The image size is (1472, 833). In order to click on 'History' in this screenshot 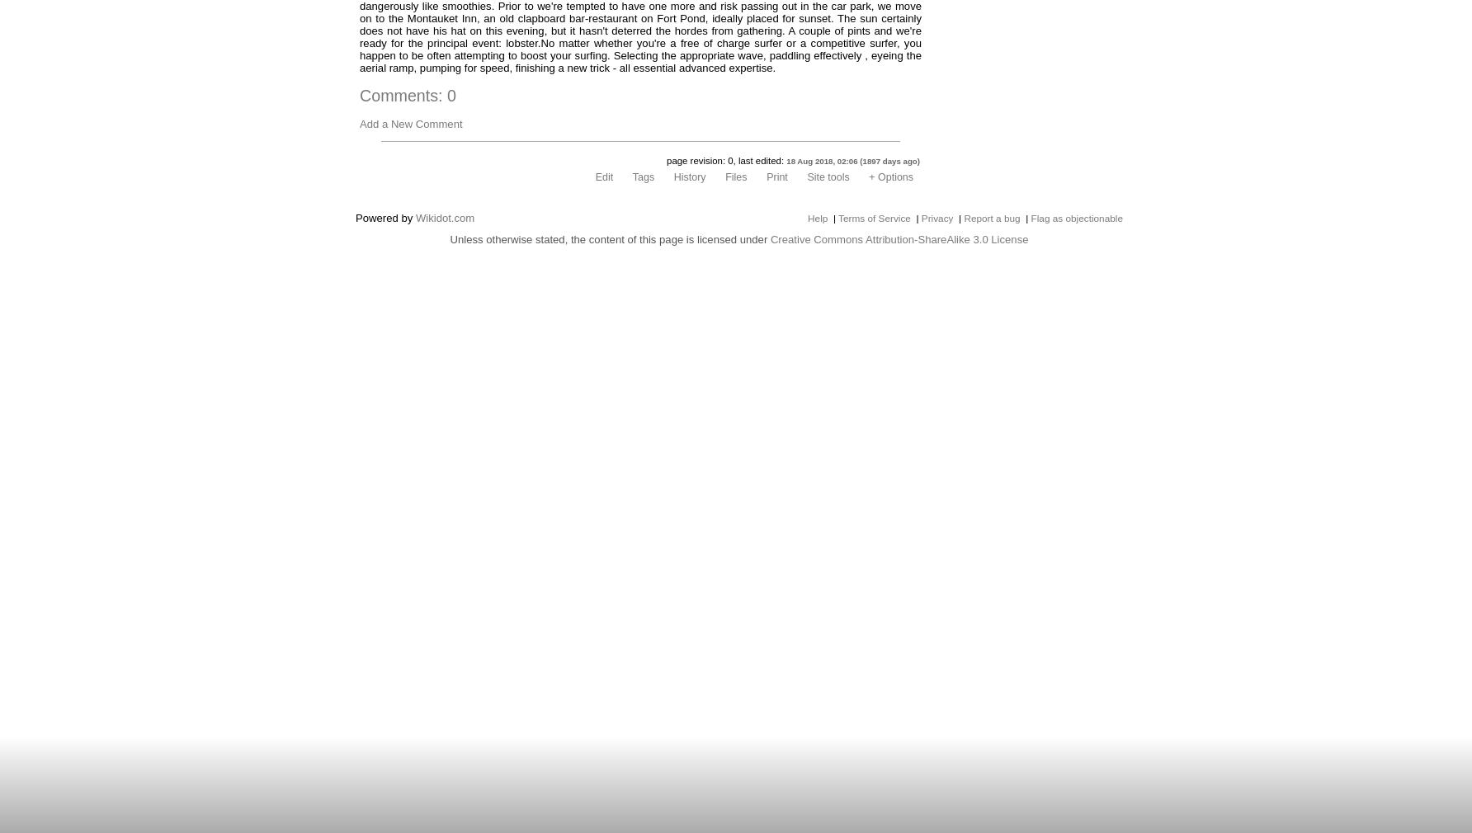, I will do `click(688, 176)`.